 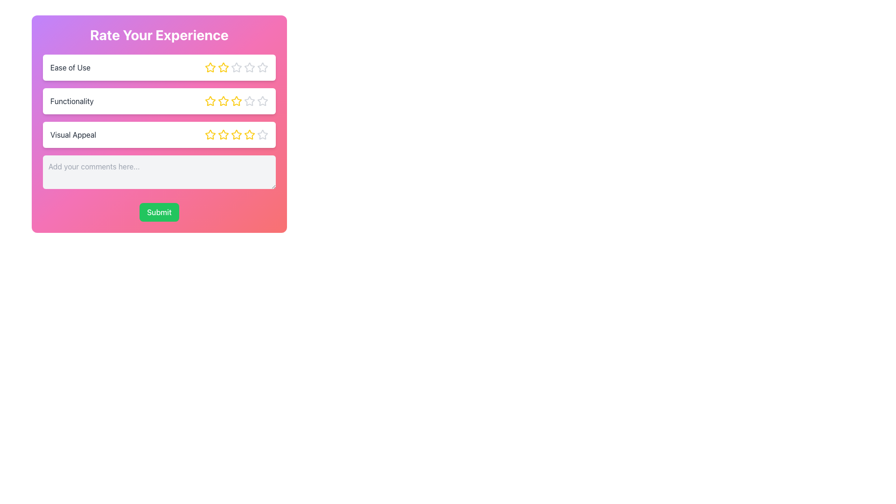 I want to click on the fifth Rating Star Icon for 'Functionality' to give the maximum rating, so click(x=261, y=101).